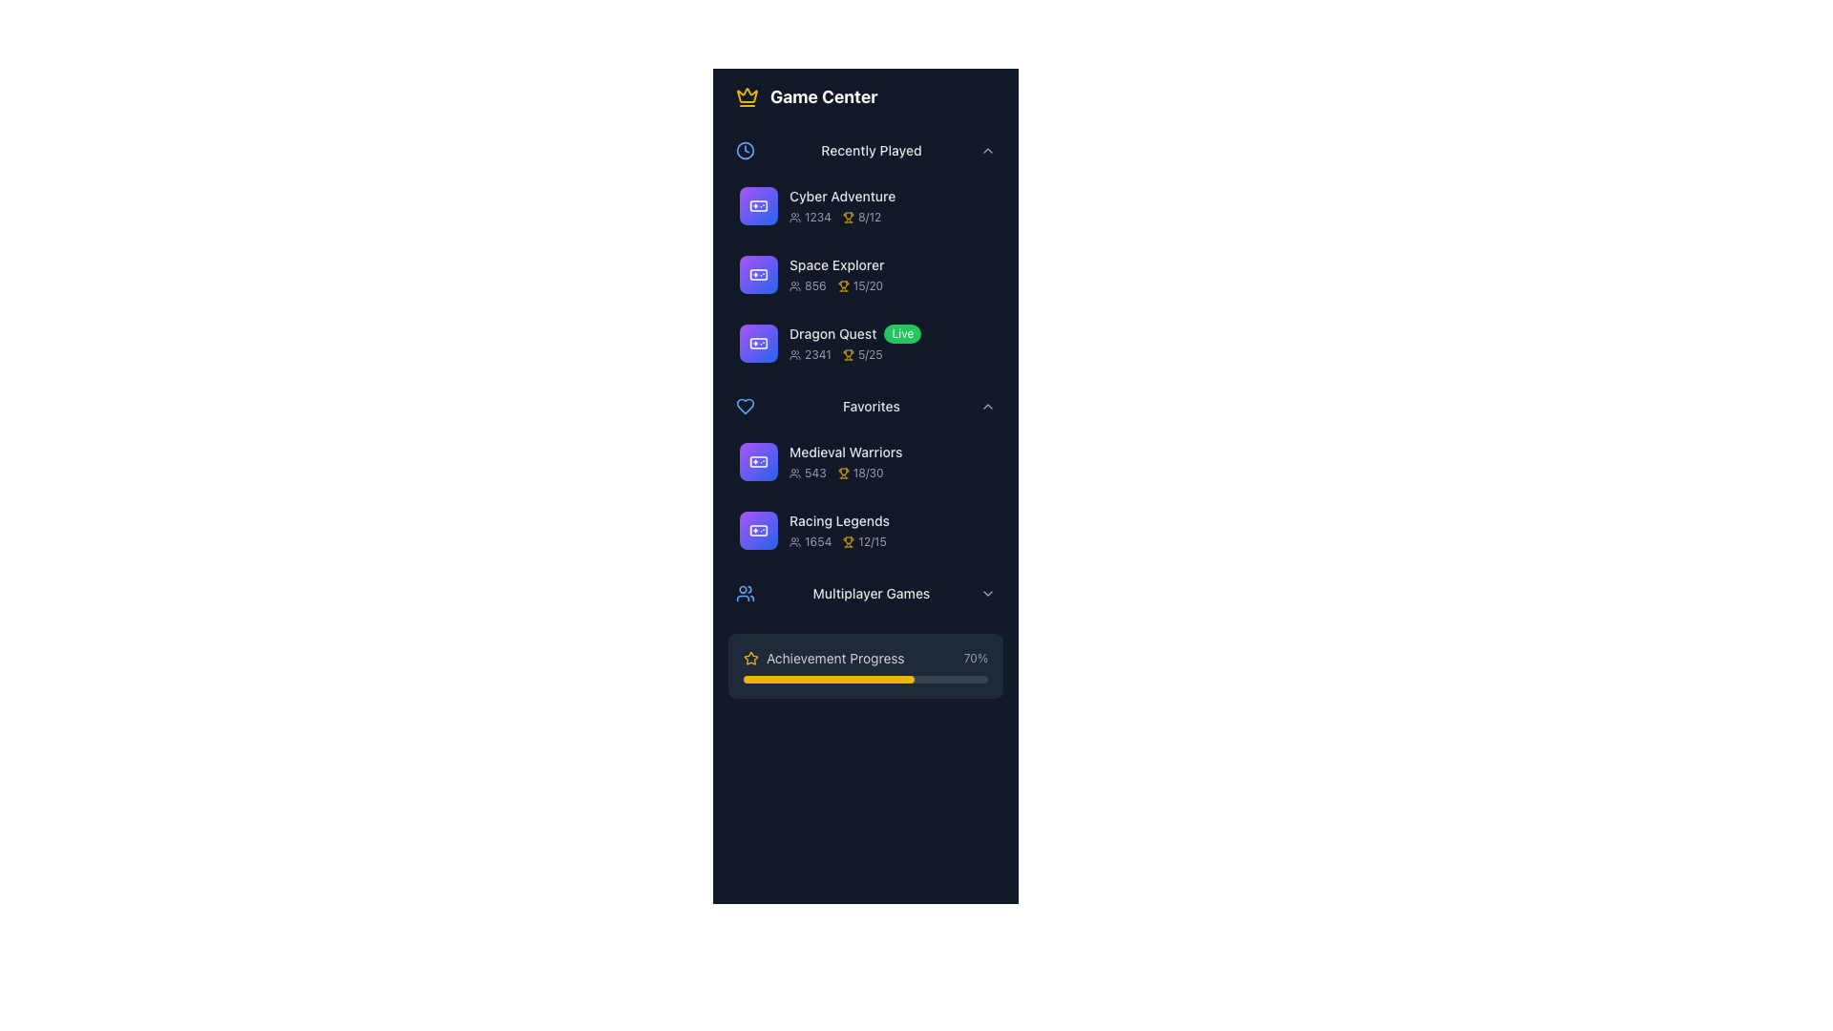 This screenshot has width=1833, height=1031. Describe the element at coordinates (758, 461) in the screenshot. I see `the Decorative Icon that resembles a game controller, located in the 'Favorites' section next to 'Medieval Warriors'` at that location.